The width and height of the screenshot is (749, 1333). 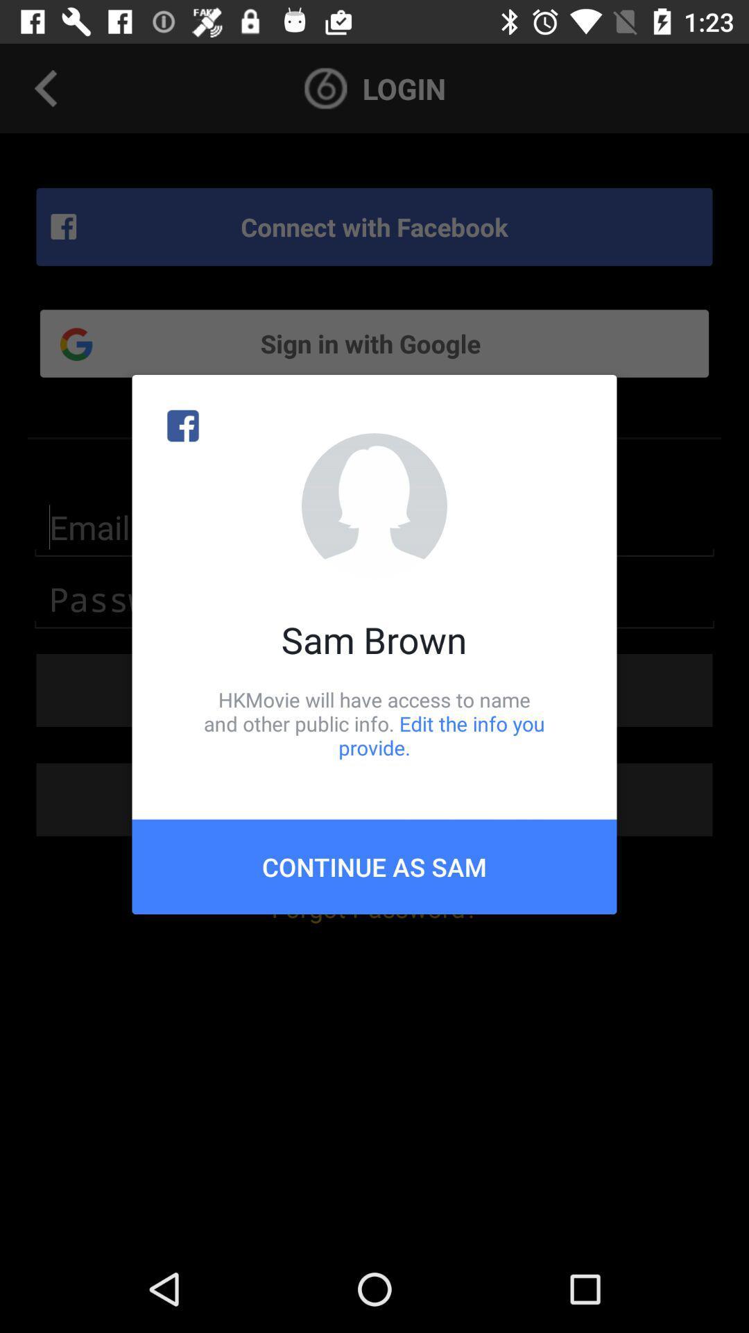 What do you see at coordinates (374, 723) in the screenshot?
I see `the icon below sam brown` at bounding box center [374, 723].